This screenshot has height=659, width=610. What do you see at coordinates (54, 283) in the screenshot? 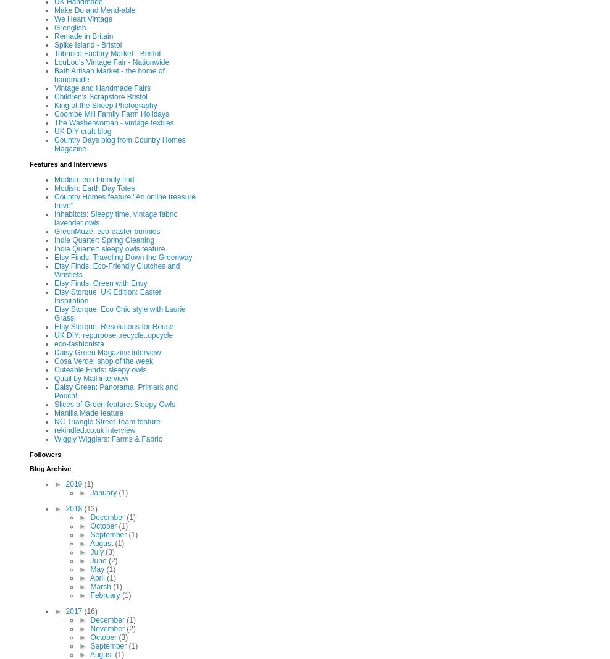
I see `'Etsy Finds: Green with Envy'` at bounding box center [54, 283].